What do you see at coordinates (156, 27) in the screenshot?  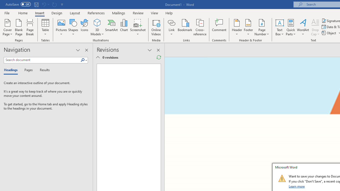 I see `'Online Videos...'` at bounding box center [156, 27].